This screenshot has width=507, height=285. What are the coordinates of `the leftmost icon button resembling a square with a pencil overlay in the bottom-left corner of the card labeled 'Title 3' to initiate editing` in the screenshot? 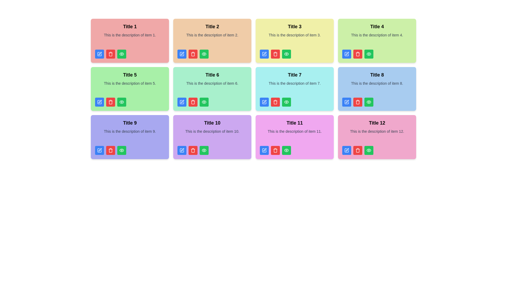 It's located at (264, 54).